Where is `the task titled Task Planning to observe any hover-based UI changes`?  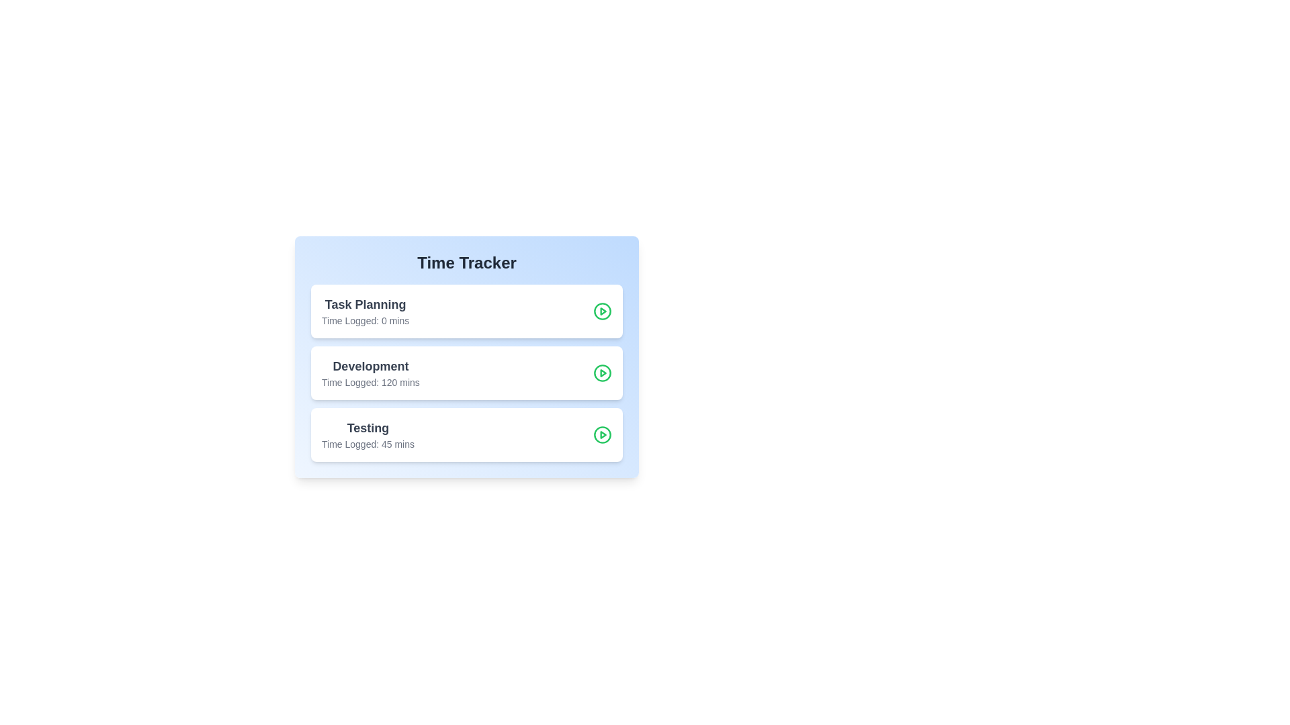 the task titled Task Planning to observe any hover-based UI changes is located at coordinates (365, 311).